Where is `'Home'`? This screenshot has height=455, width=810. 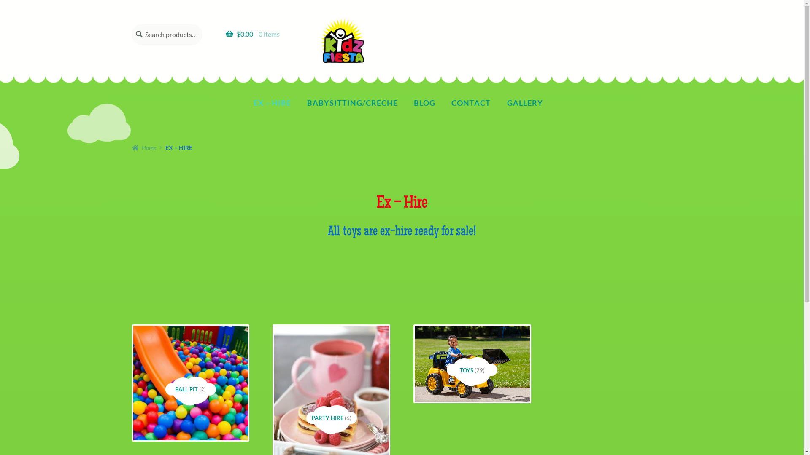
'Home' is located at coordinates (143, 147).